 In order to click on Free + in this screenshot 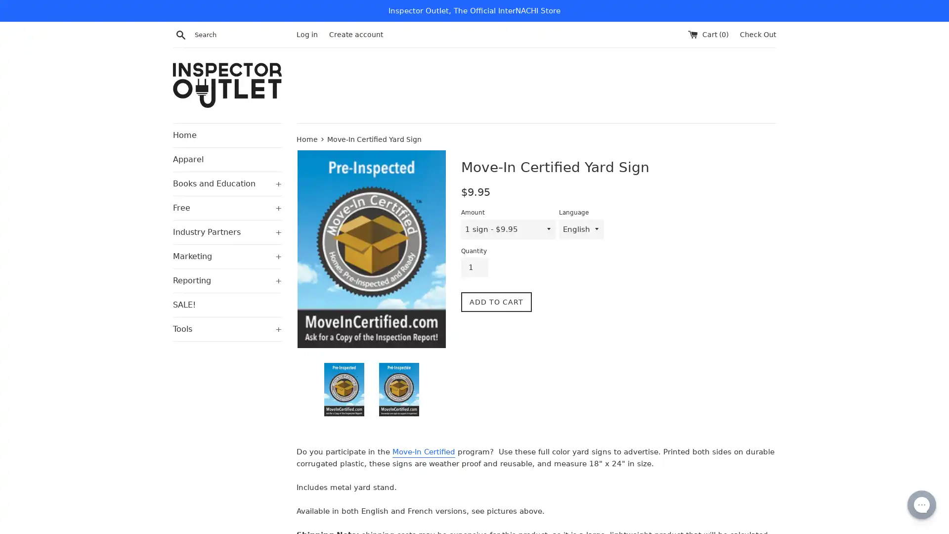, I will do `click(227, 207)`.